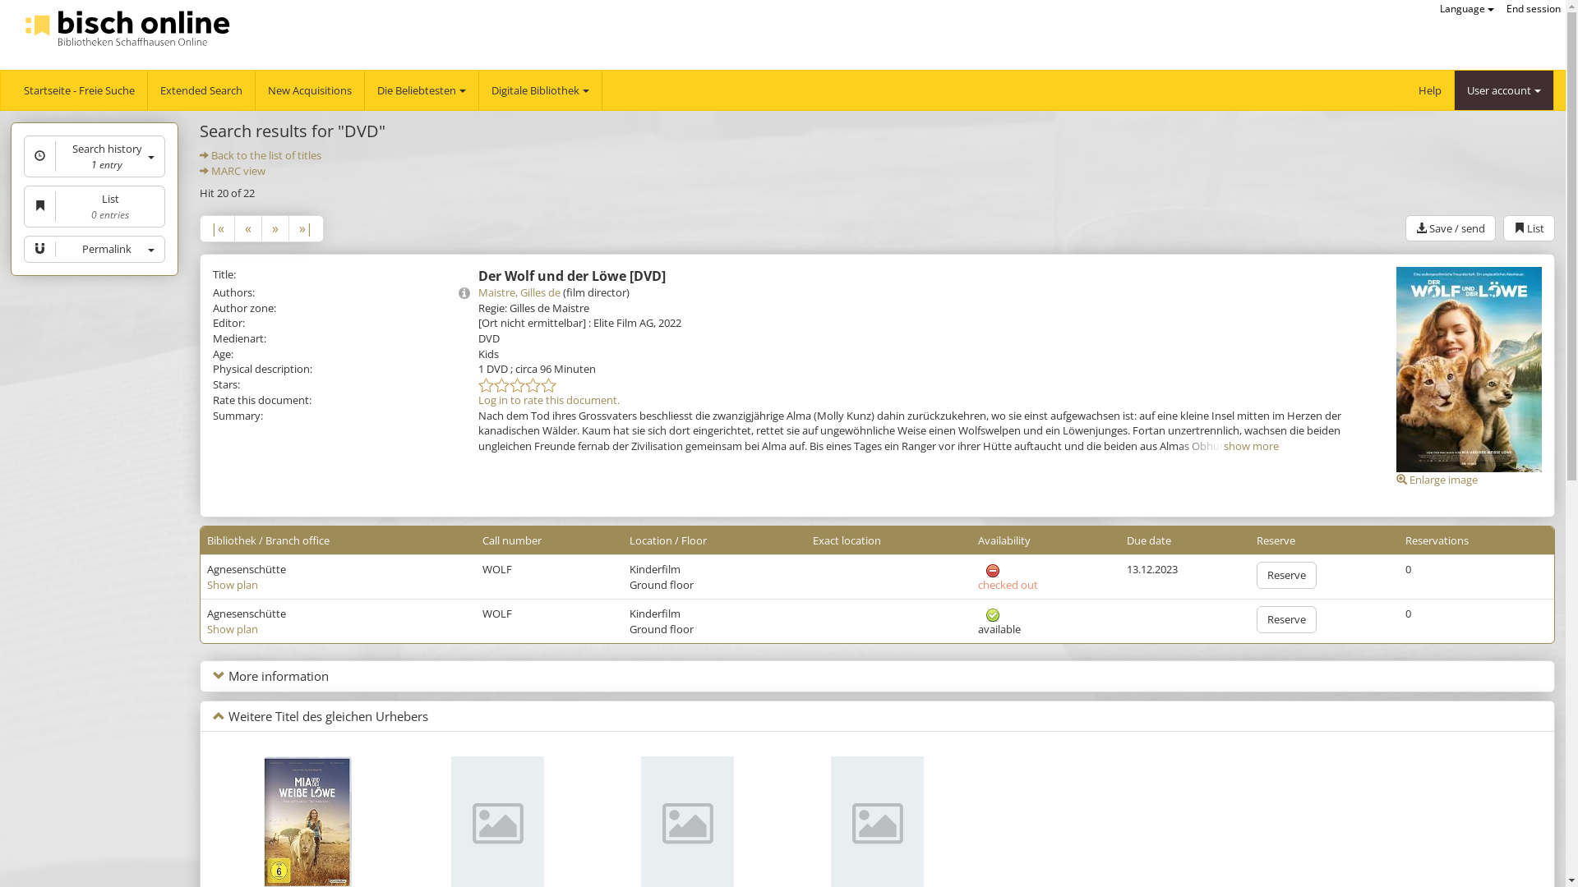 The width and height of the screenshot is (1578, 887). What do you see at coordinates (297, 540) in the screenshot?
I see `'Branch office'` at bounding box center [297, 540].